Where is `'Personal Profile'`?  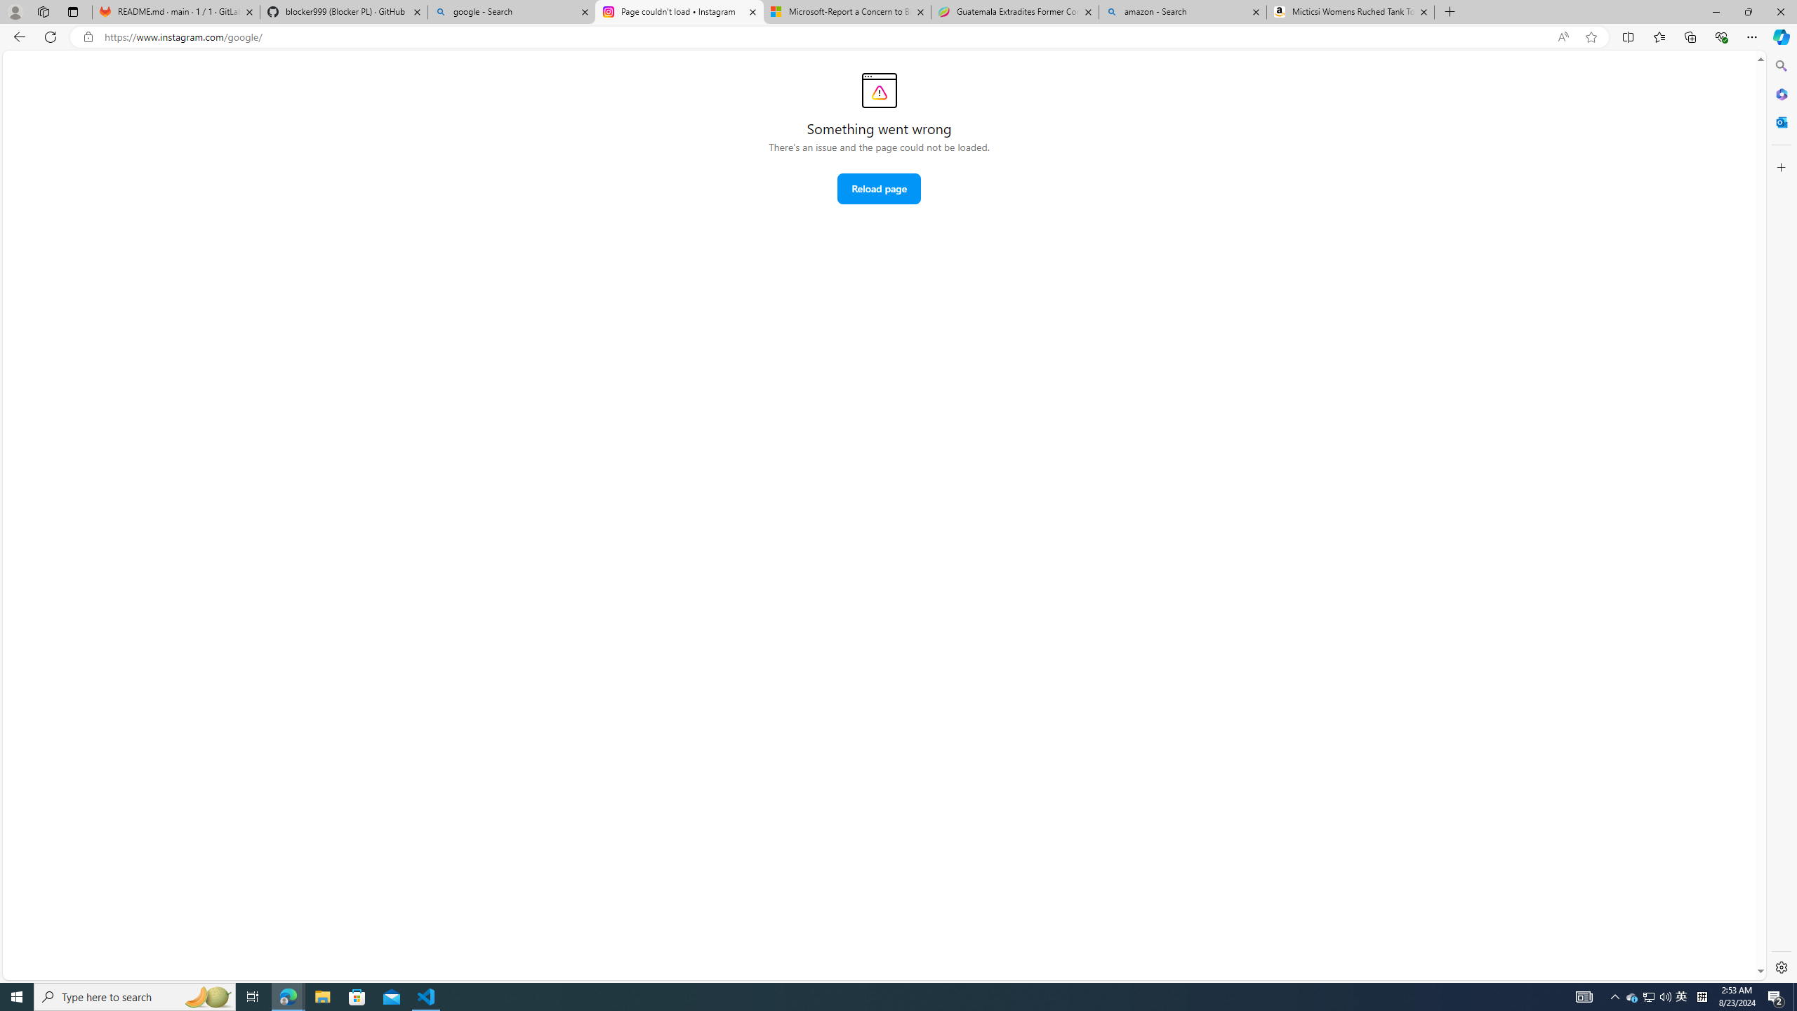
'Personal Profile' is located at coordinates (14, 11).